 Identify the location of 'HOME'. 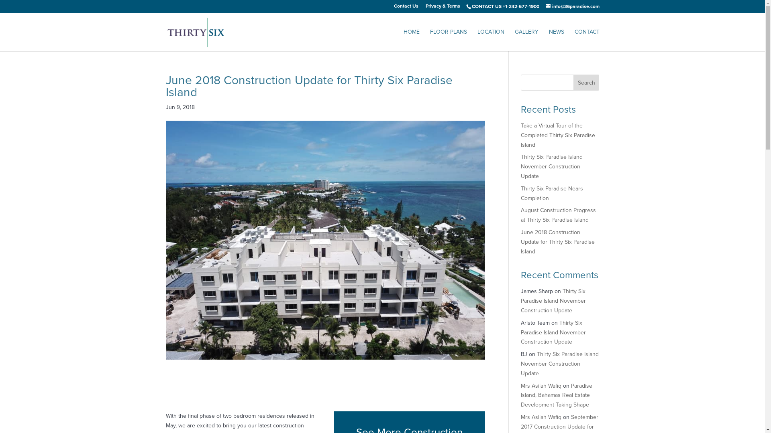
(411, 40).